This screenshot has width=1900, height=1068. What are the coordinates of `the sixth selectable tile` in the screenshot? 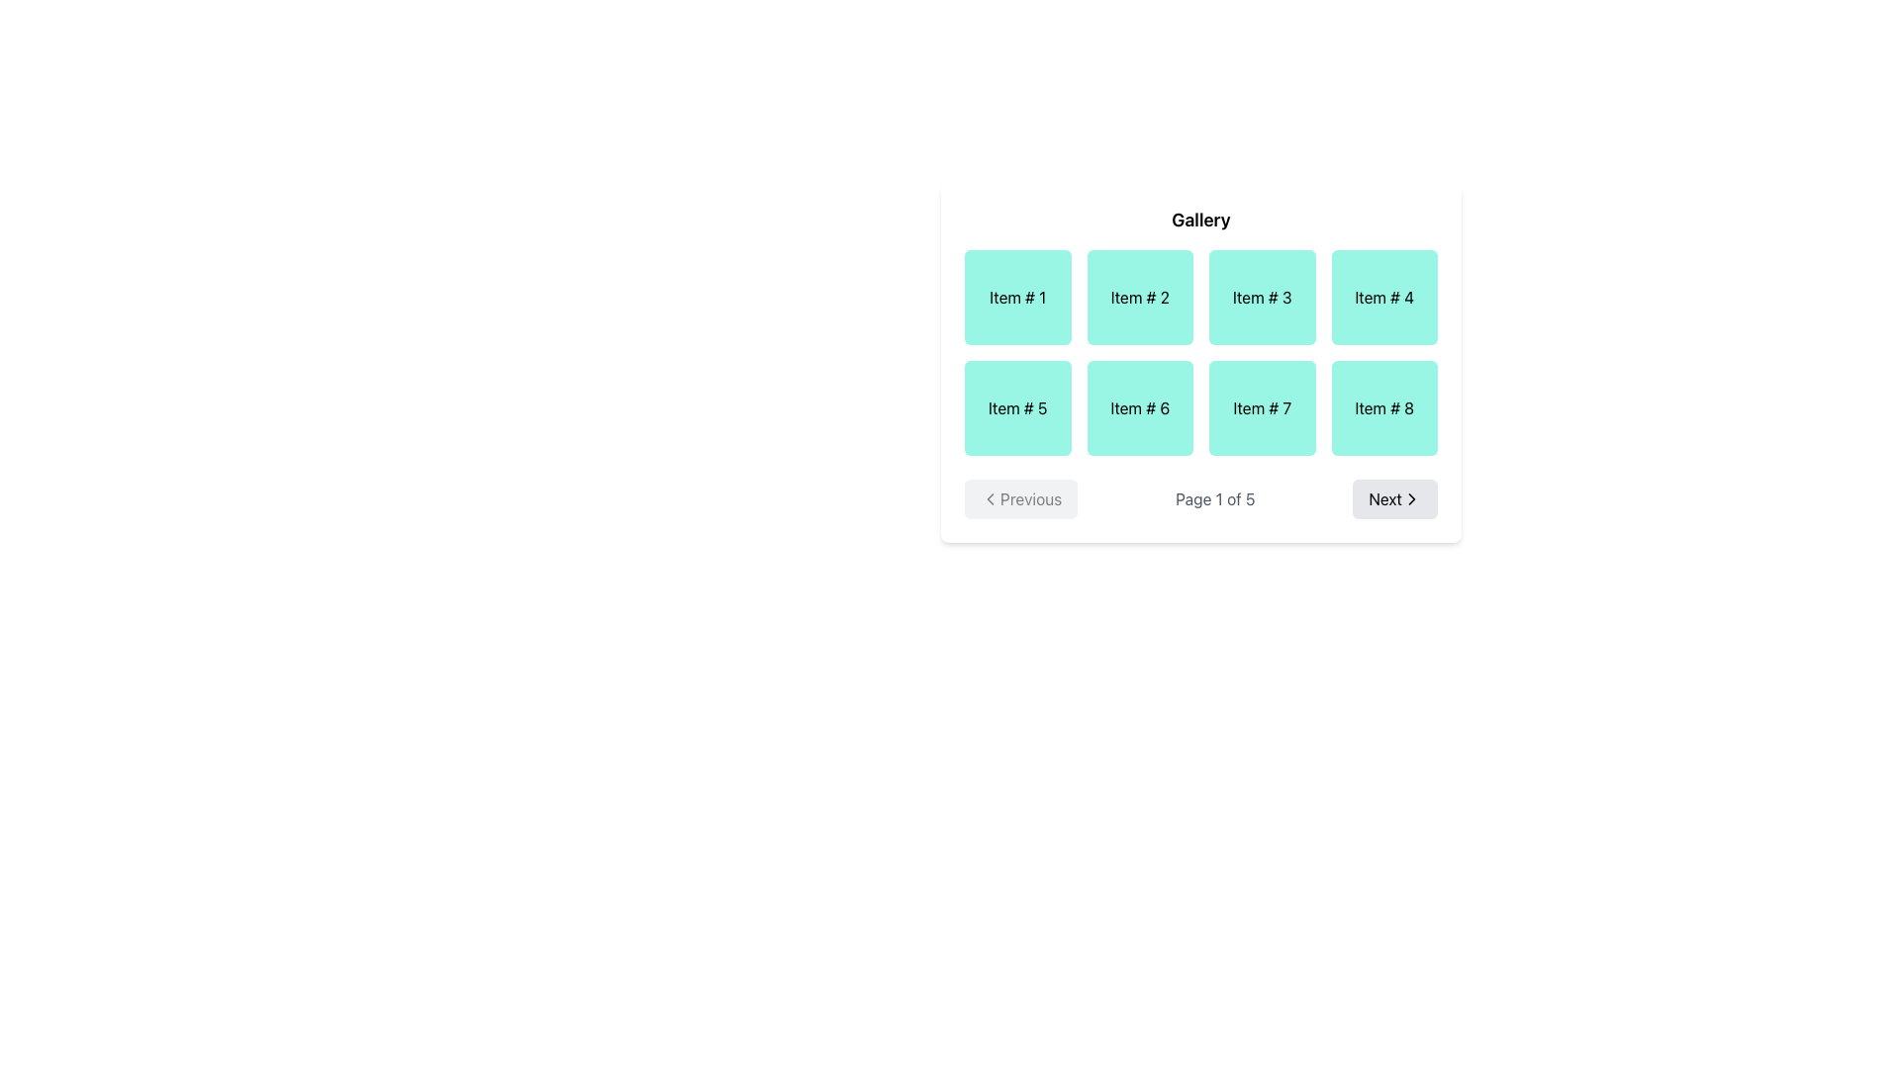 It's located at (1140, 406).